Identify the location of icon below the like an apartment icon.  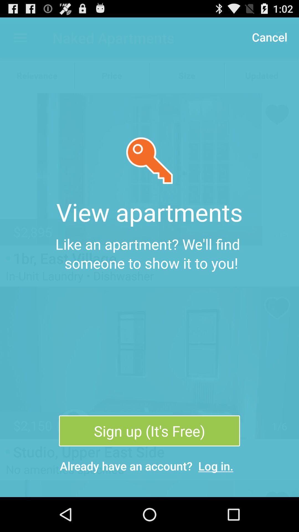
(149, 431).